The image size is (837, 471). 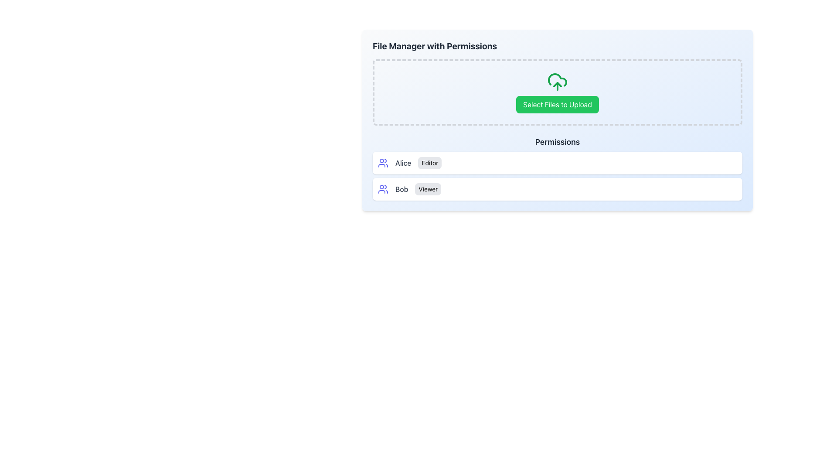 I want to click on the user type icon located to the left of the 'Alice' label and above the 'Editor' tag in the 'Alice' user card, so click(x=383, y=163).